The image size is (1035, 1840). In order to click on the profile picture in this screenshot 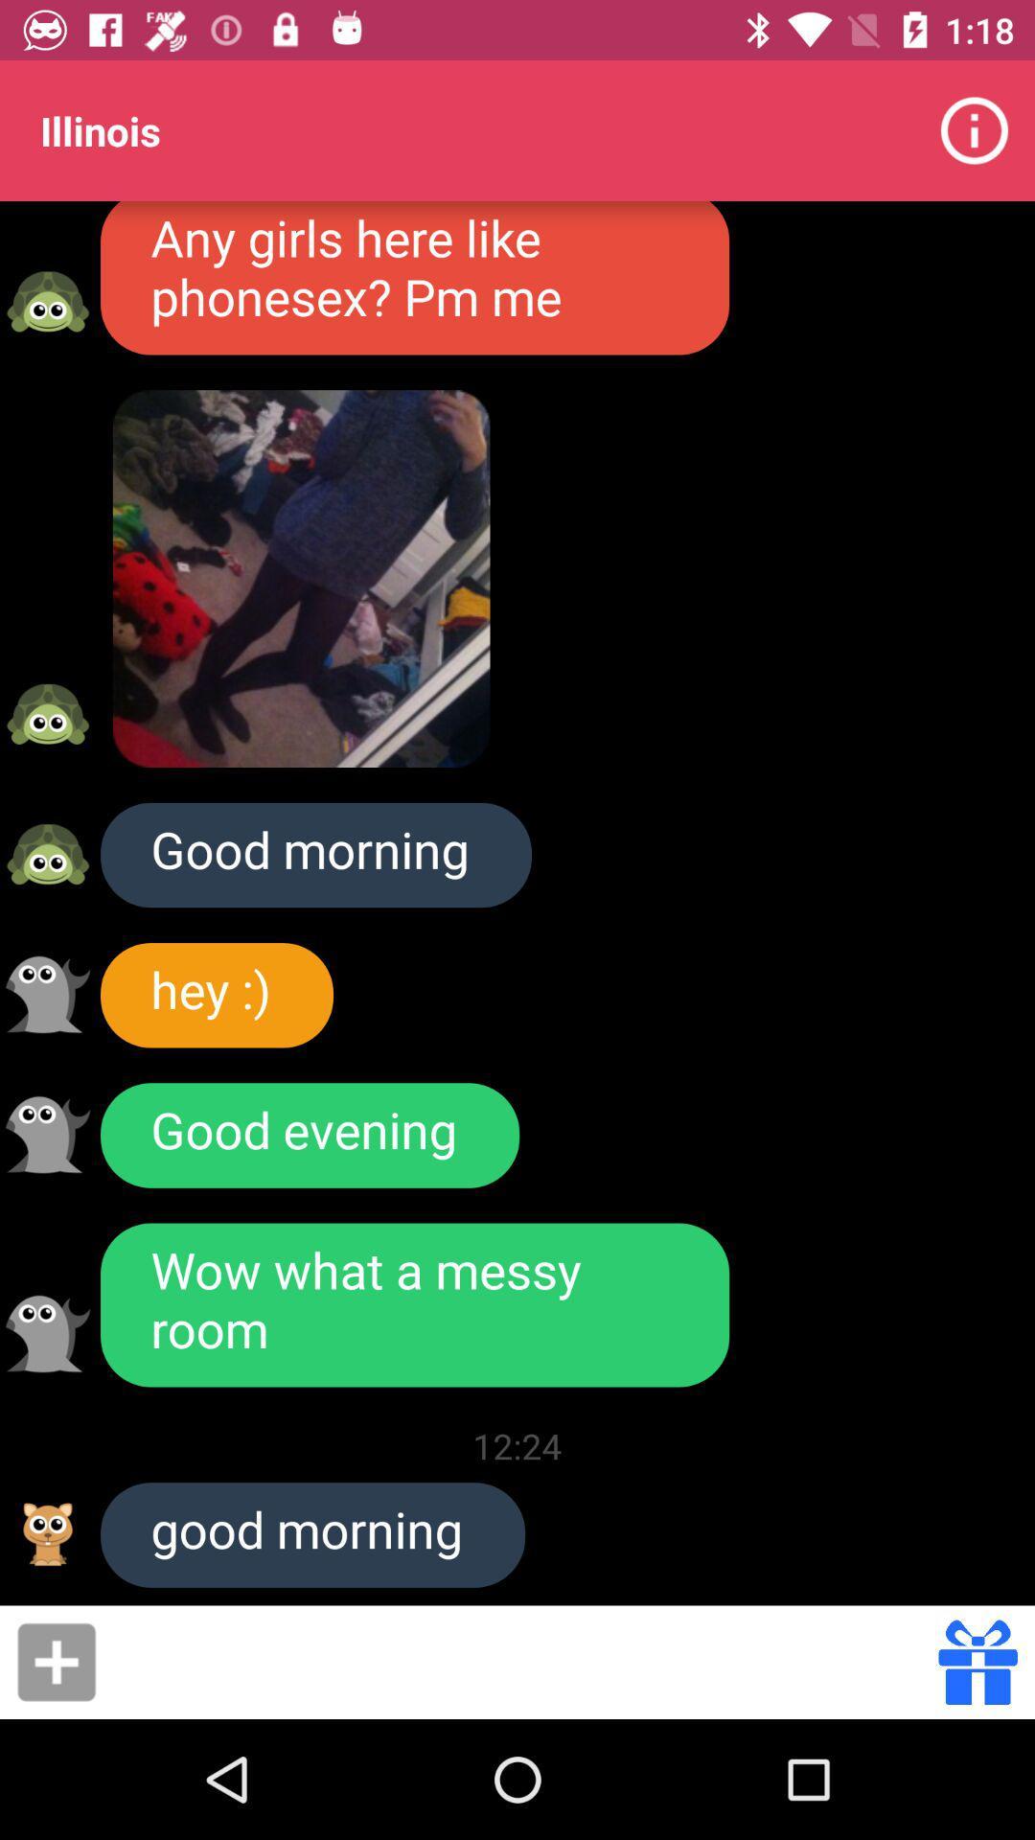, I will do `click(47, 1135)`.